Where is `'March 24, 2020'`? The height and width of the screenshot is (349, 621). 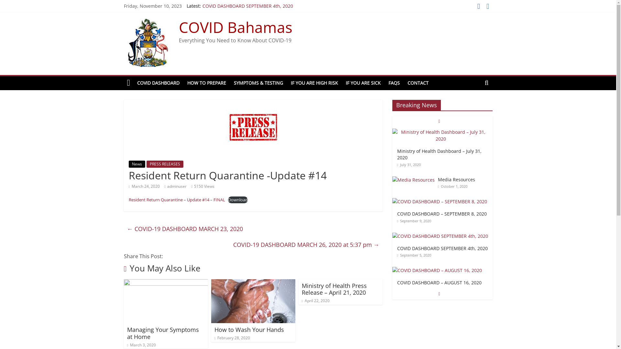 'March 24, 2020' is located at coordinates (144, 186).